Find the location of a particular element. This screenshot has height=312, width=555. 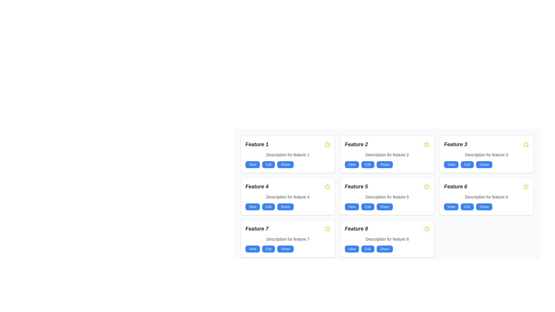

the 'View' button, which is a small rectangular button with rounded corners, white text on a blue background, located under the 'Feature 1' section is located at coordinates (252, 165).